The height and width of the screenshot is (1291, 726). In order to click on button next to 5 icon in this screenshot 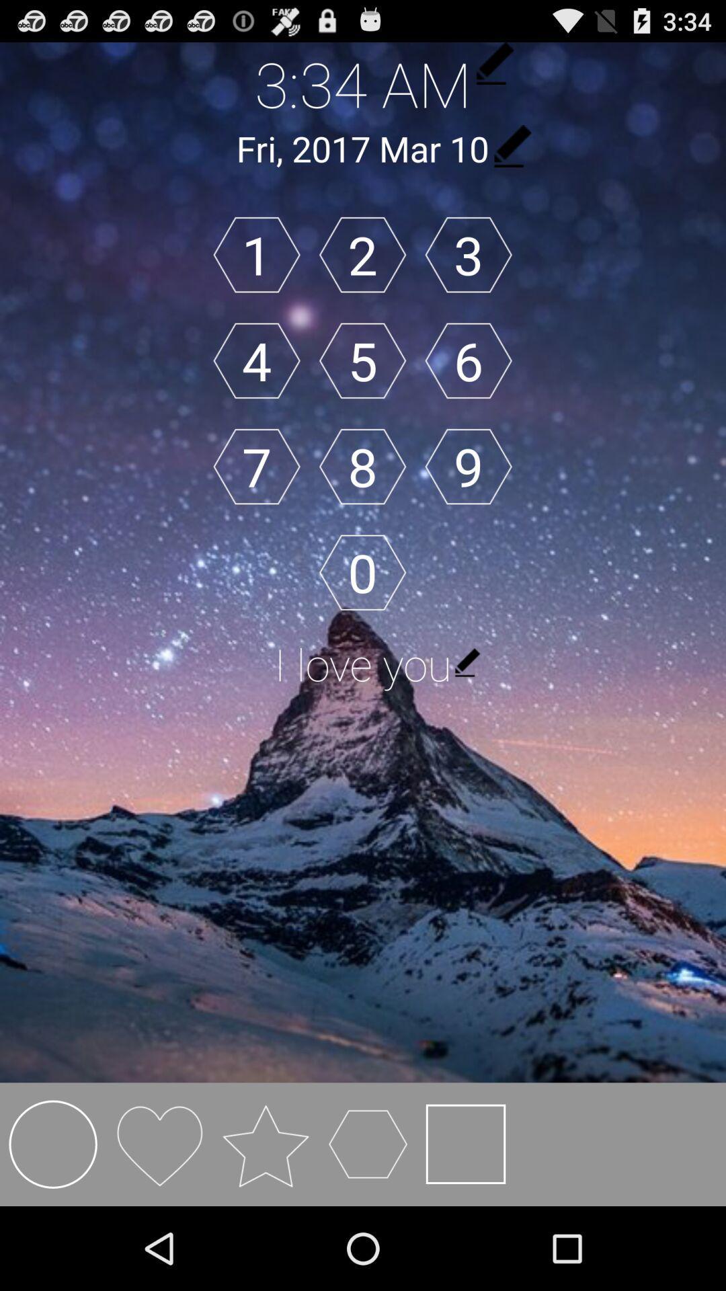, I will do `click(468, 360)`.